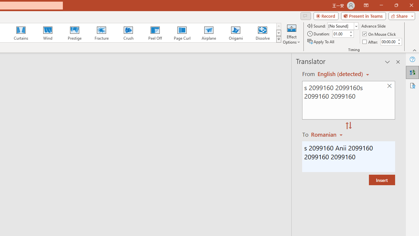 This screenshot has height=236, width=419. What do you see at coordinates (321, 42) in the screenshot?
I see `'Apply To All'` at bounding box center [321, 42].